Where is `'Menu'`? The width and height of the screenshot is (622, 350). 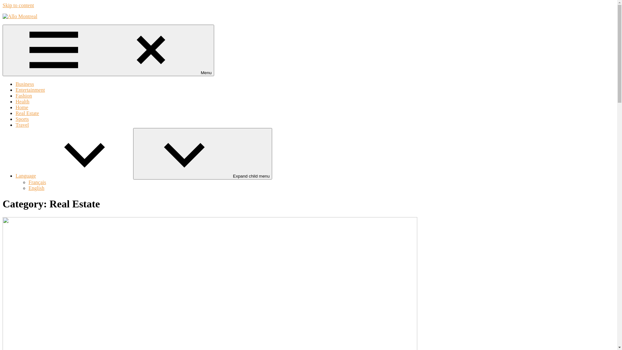 'Menu' is located at coordinates (3, 50).